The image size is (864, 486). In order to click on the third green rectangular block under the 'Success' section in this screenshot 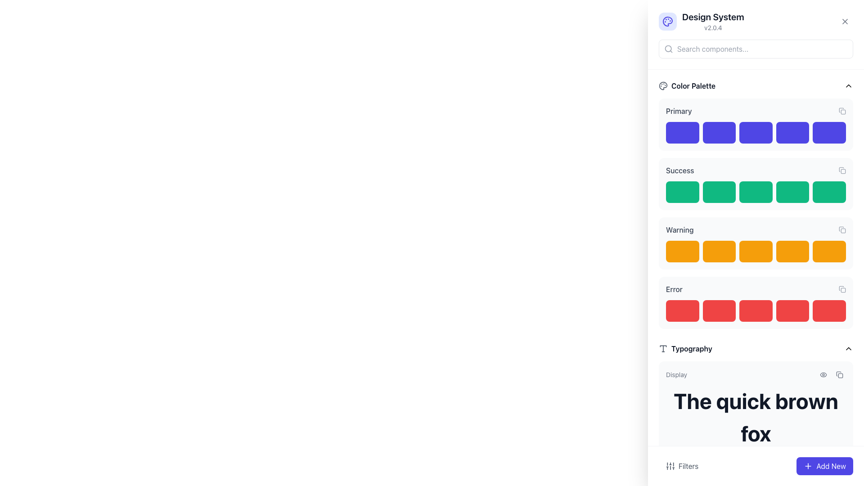, I will do `click(756, 183)`.